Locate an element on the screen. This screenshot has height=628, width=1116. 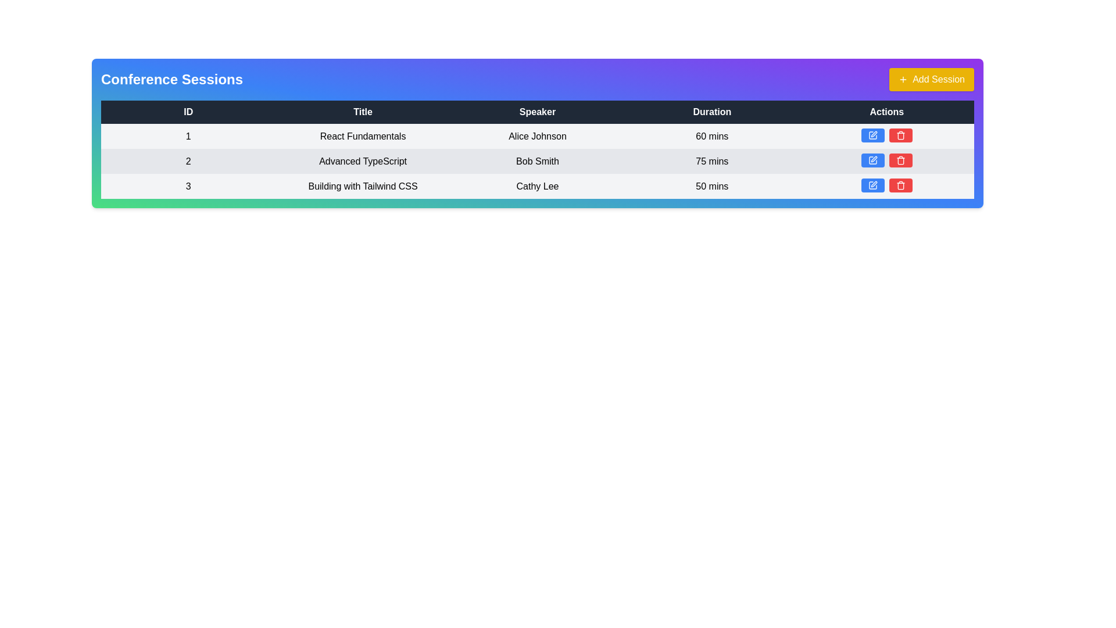
the session details by clicking on the text 'Advanced TypeScript' located in the second column of the second row of the table is located at coordinates (362, 161).